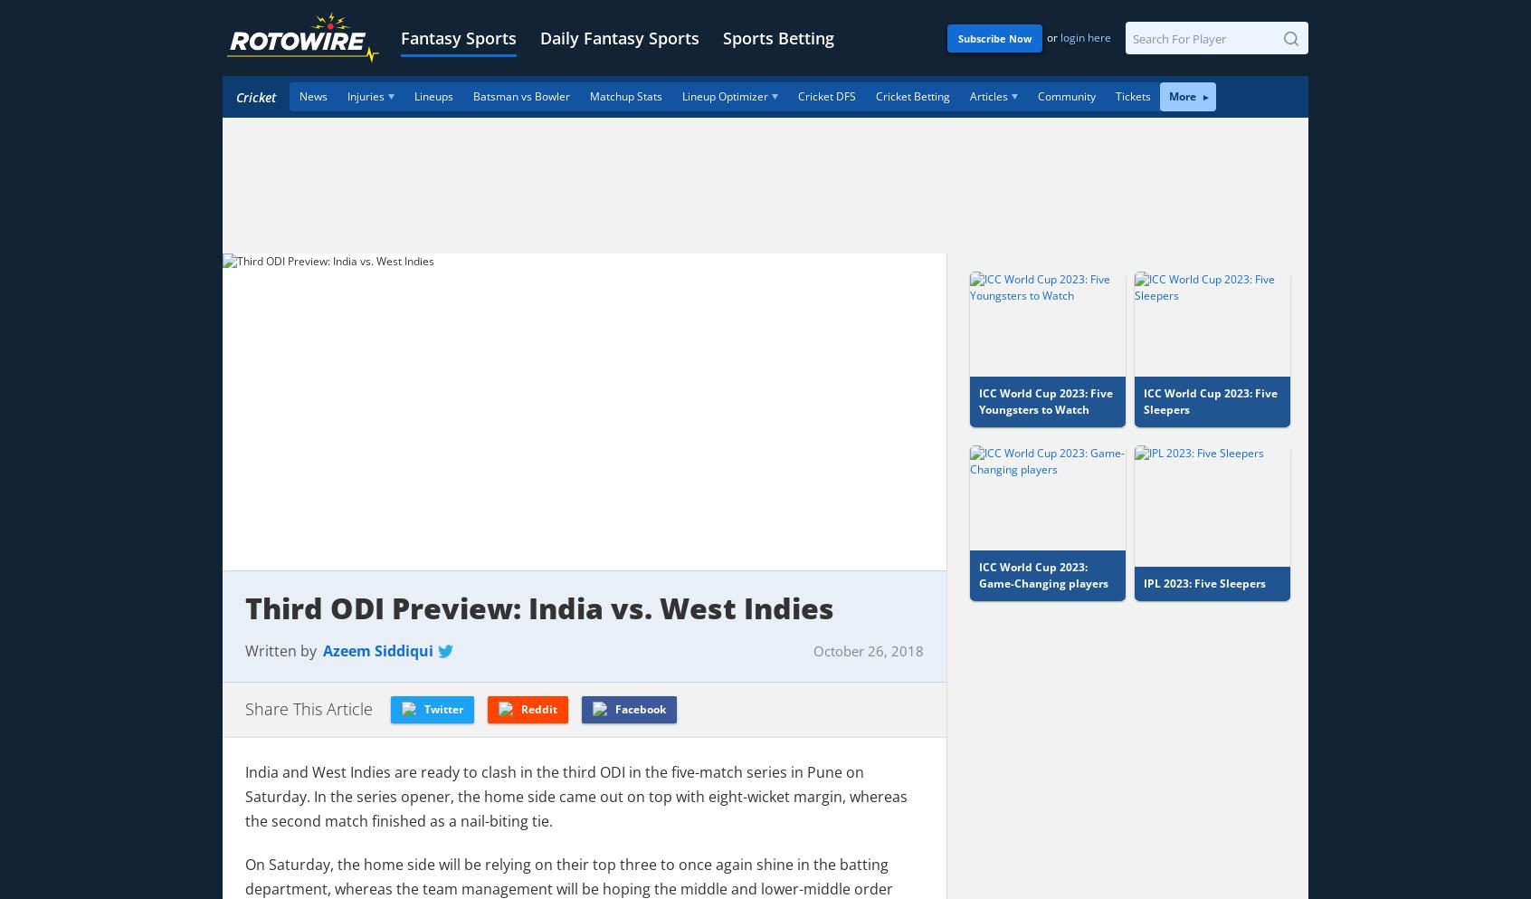  I want to click on 'India and West Indies are ready to clash in the third ODI in the five-match series in Pune on Saturday. In the series opener, the home side came out on top with eight-wicket margin, whereas the second match finished as a nail-biting tie.', so click(576, 796).